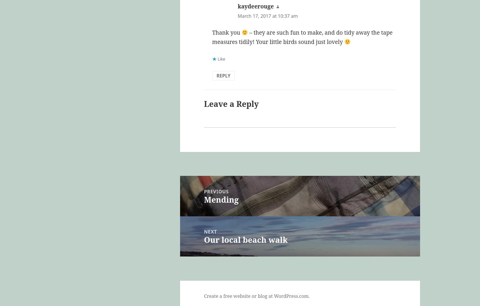 This screenshot has width=480, height=306. I want to click on 'Our local beach walk', so click(246, 240).